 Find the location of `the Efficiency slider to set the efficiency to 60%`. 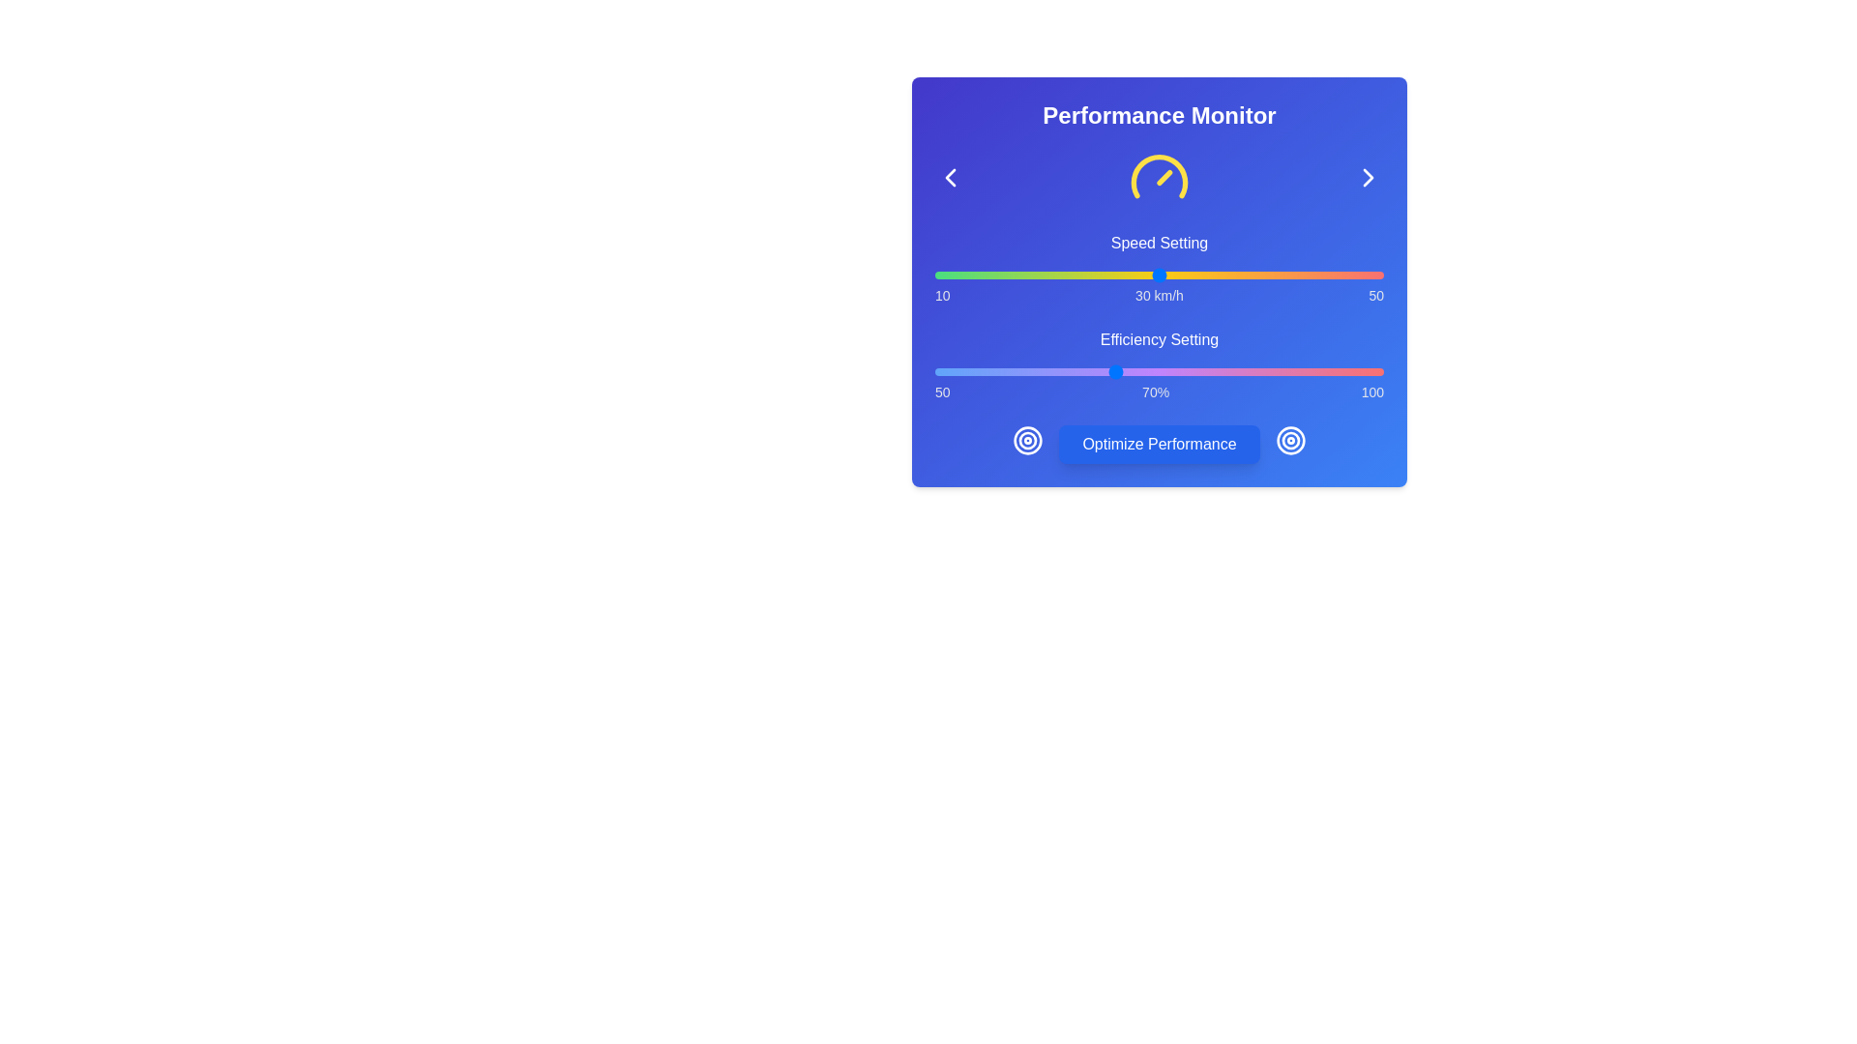

the Efficiency slider to set the efficiency to 60% is located at coordinates (1023, 372).